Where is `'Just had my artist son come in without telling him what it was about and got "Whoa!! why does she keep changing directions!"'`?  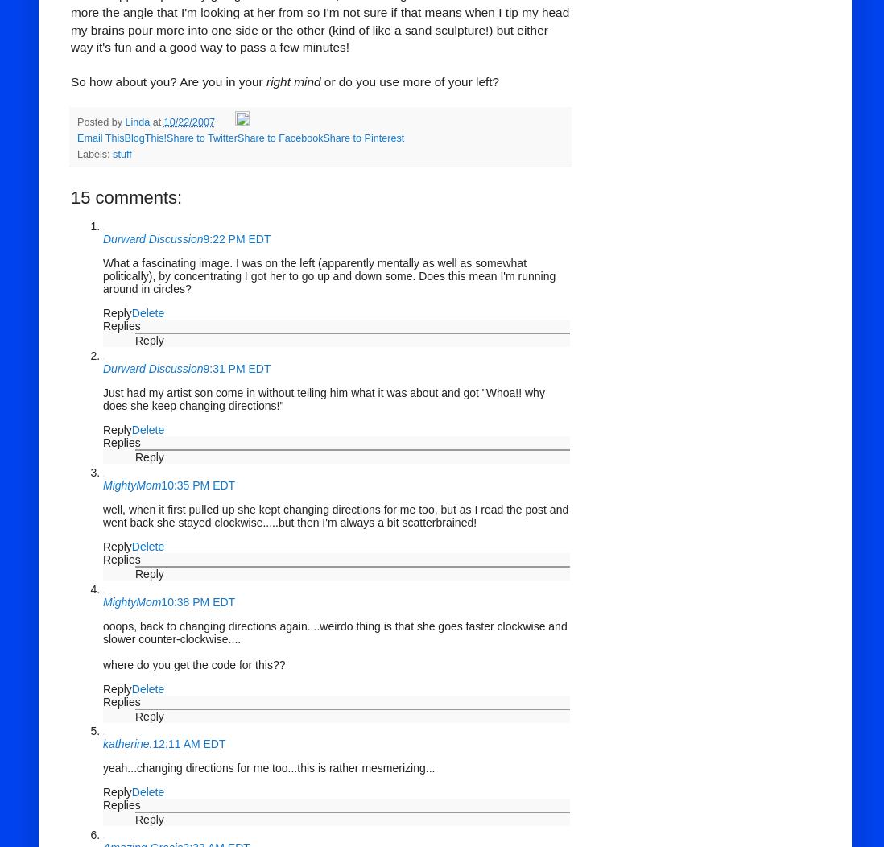 'Just had my artist son come in without telling him what it was about and got "Whoa!! why does she keep changing directions!"' is located at coordinates (322, 399).